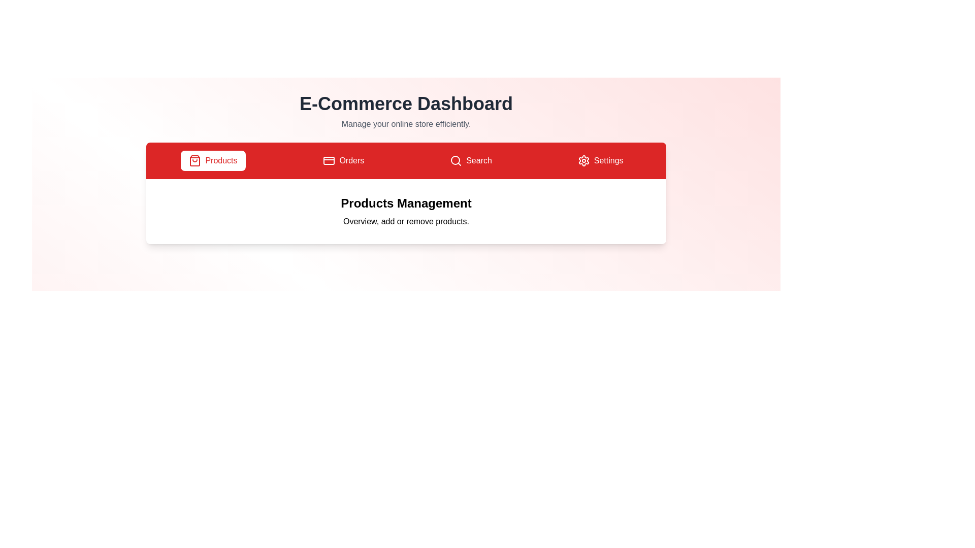  Describe the element at coordinates (406, 124) in the screenshot. I see `descriptive text that says 'Manage your online store efficiently.' located directly underneath the title 'E-Commerce Dashboard.'` at that location.